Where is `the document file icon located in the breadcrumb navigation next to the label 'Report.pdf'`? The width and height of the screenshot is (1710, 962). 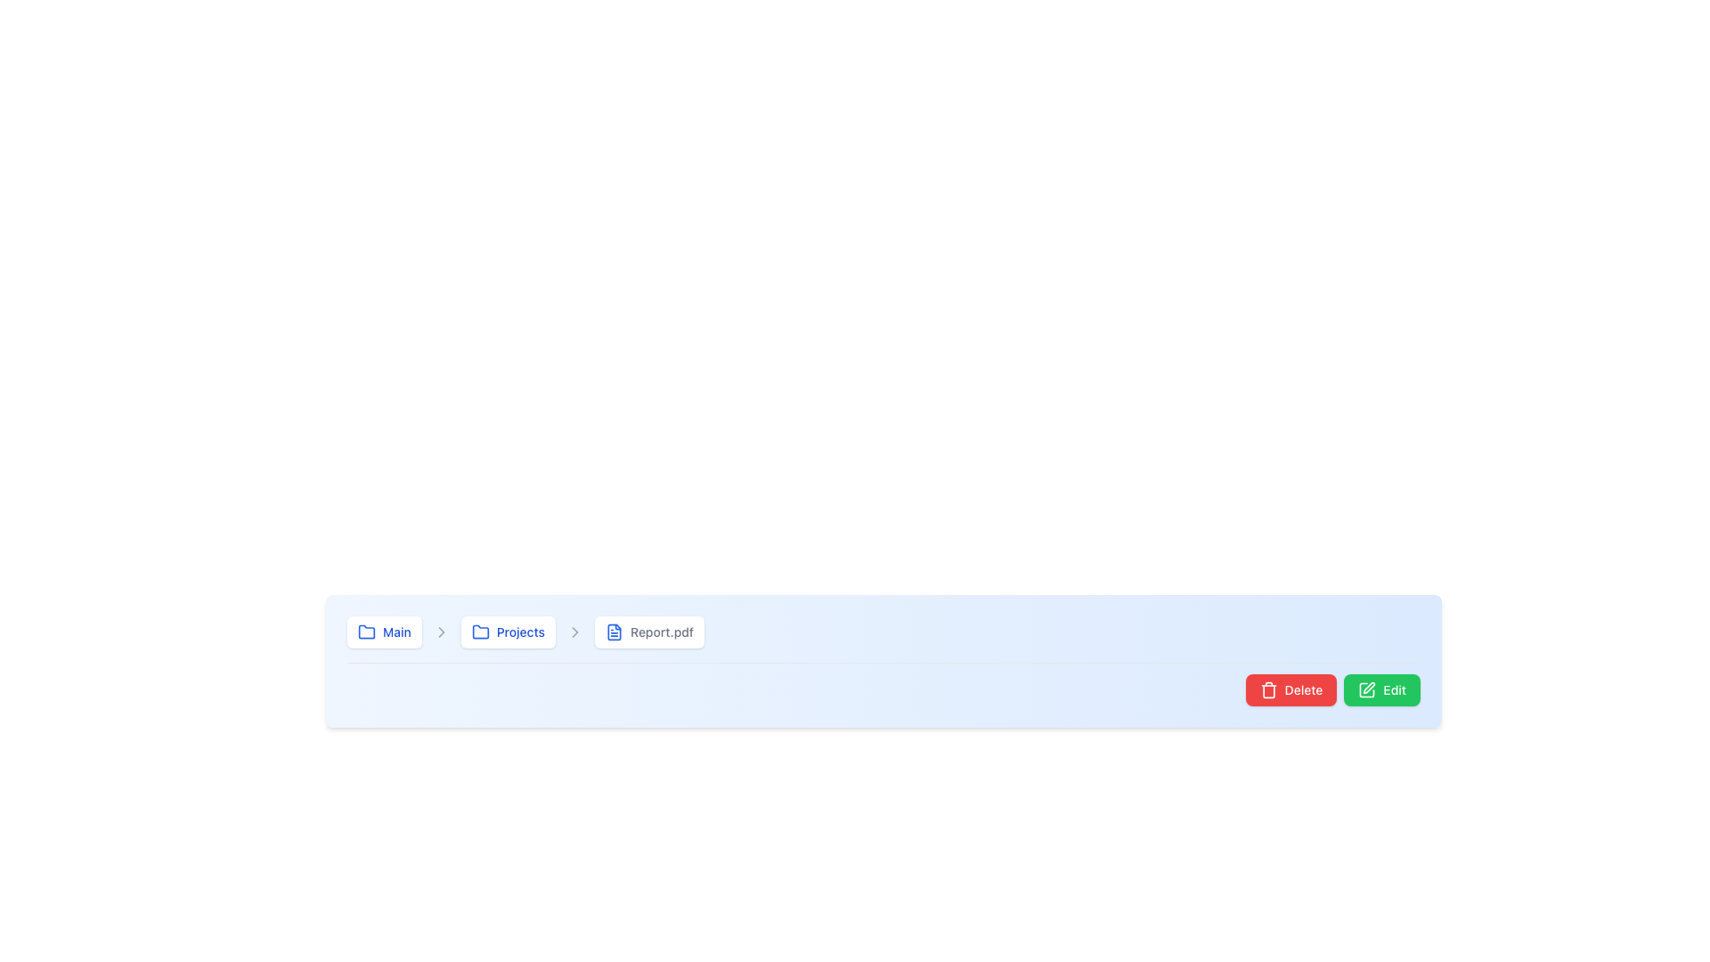
the document file icon located in the breadcrumb navigation next to the label 'Report.pdf' is located at coordinates (615, 631).